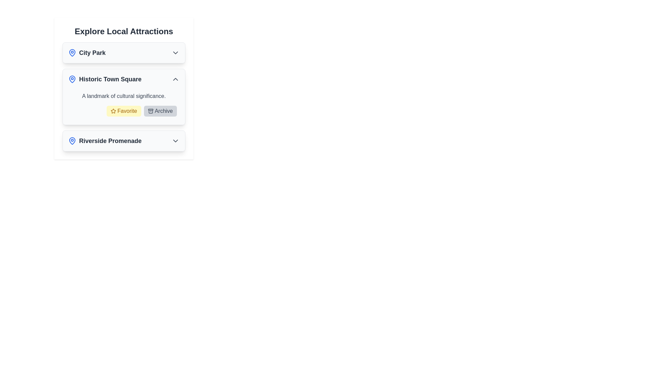  Describe the element at coordinates (124, 141) in the screenshot. I see `the selectable item in the list that represents 'Riverside Promenade' located under 'Explore Local Attractions'` at that location.